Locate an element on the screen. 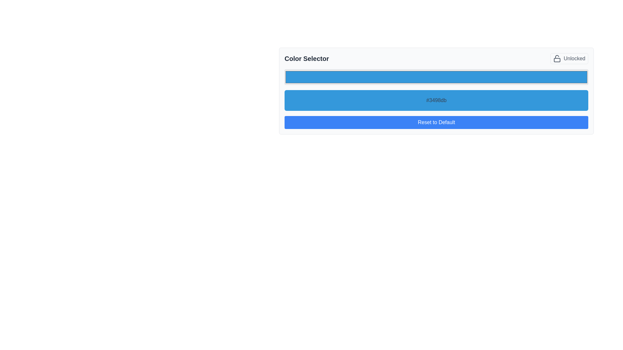 This screenshot has height=350, width=623. the decorative part of the unlocked padlock icon, which is a small rectangle with rounded corners located in the lower section of the padlock icon is located at coordinates (557, 60).